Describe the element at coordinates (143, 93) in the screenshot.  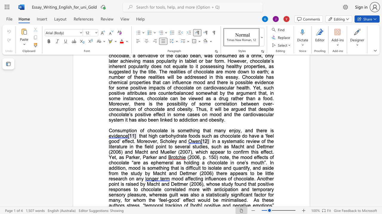
I see `the 7th character "e" in the text` at that location.